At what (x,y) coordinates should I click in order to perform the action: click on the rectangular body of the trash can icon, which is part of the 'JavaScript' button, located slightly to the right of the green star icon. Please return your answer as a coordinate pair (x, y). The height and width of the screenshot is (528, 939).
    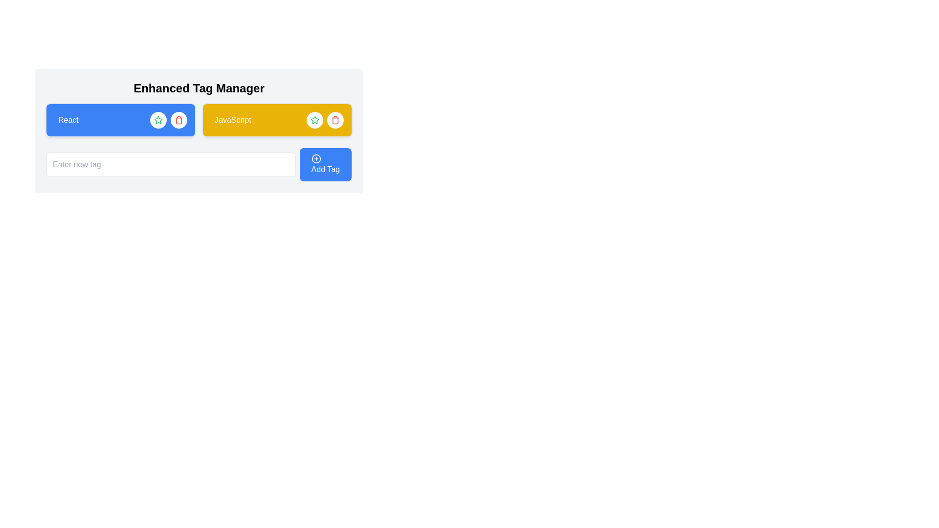
    Looking at the image, I should click on (179, 120).